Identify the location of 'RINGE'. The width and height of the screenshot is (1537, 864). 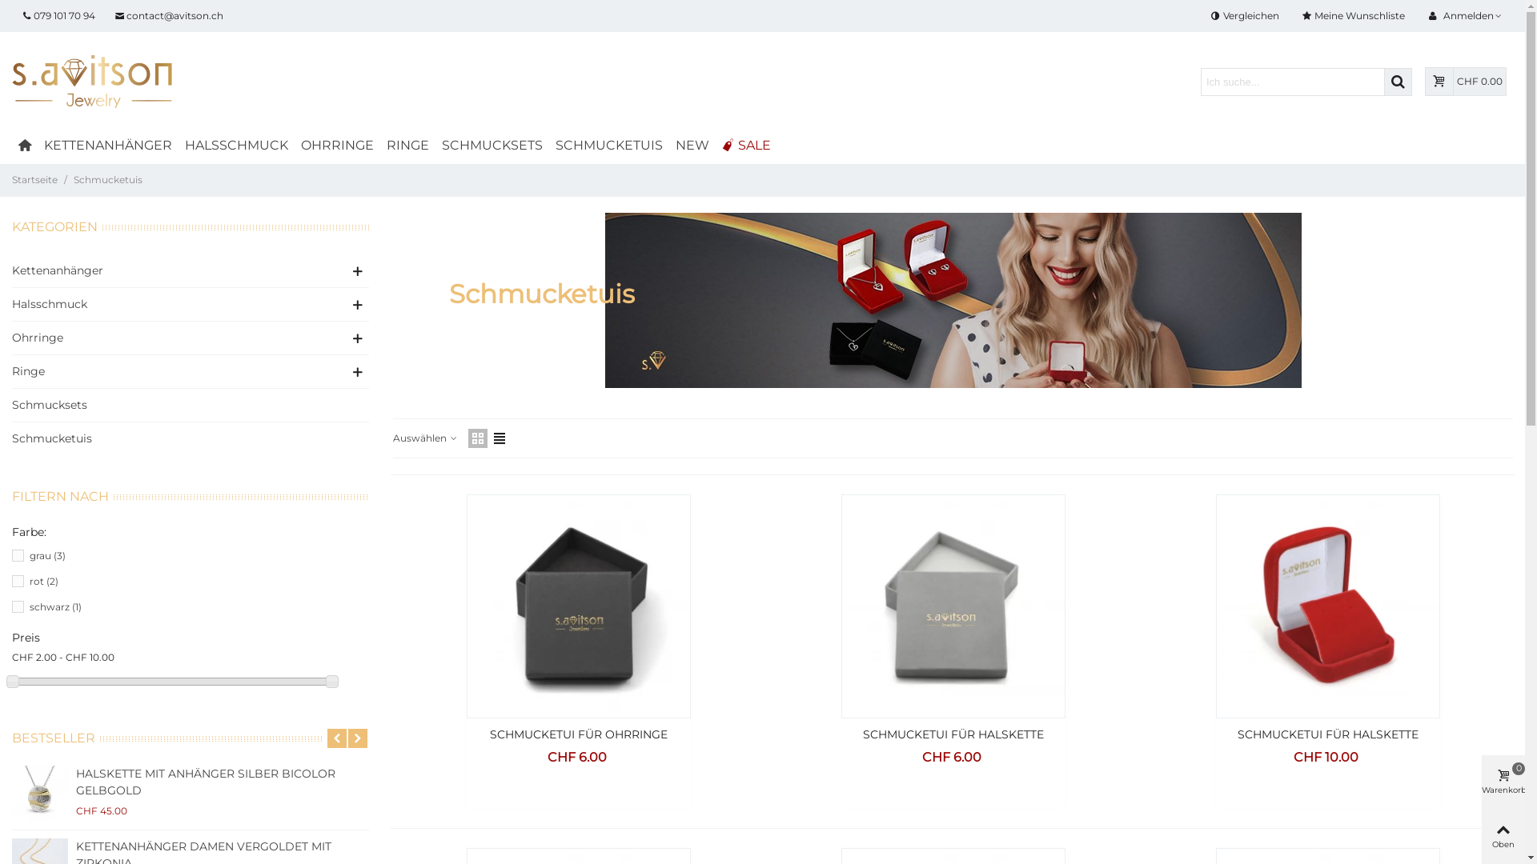
(379, 145).